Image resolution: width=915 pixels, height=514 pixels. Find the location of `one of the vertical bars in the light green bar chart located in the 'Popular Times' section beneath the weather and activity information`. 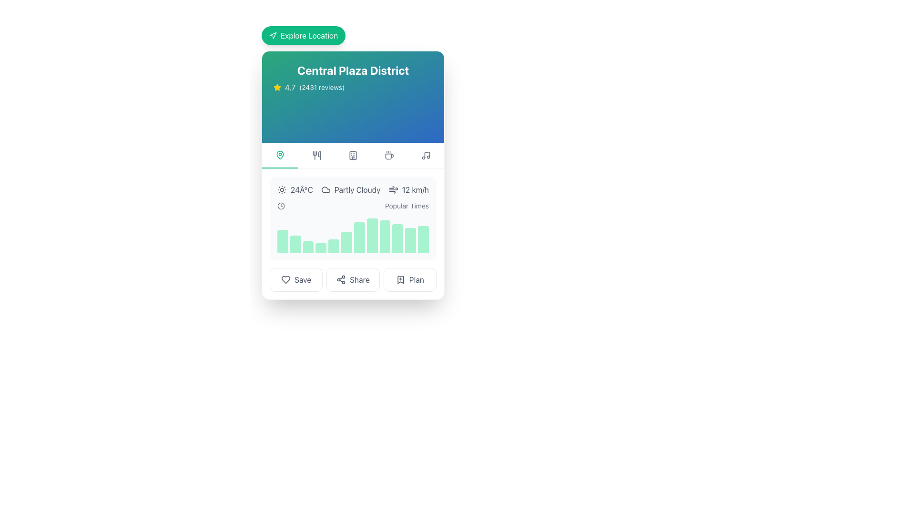

one of the vertical bars in the light green bar chart located in the 'Popular Times' section beneath the weather and activity information is located at coordinates (352, 233).